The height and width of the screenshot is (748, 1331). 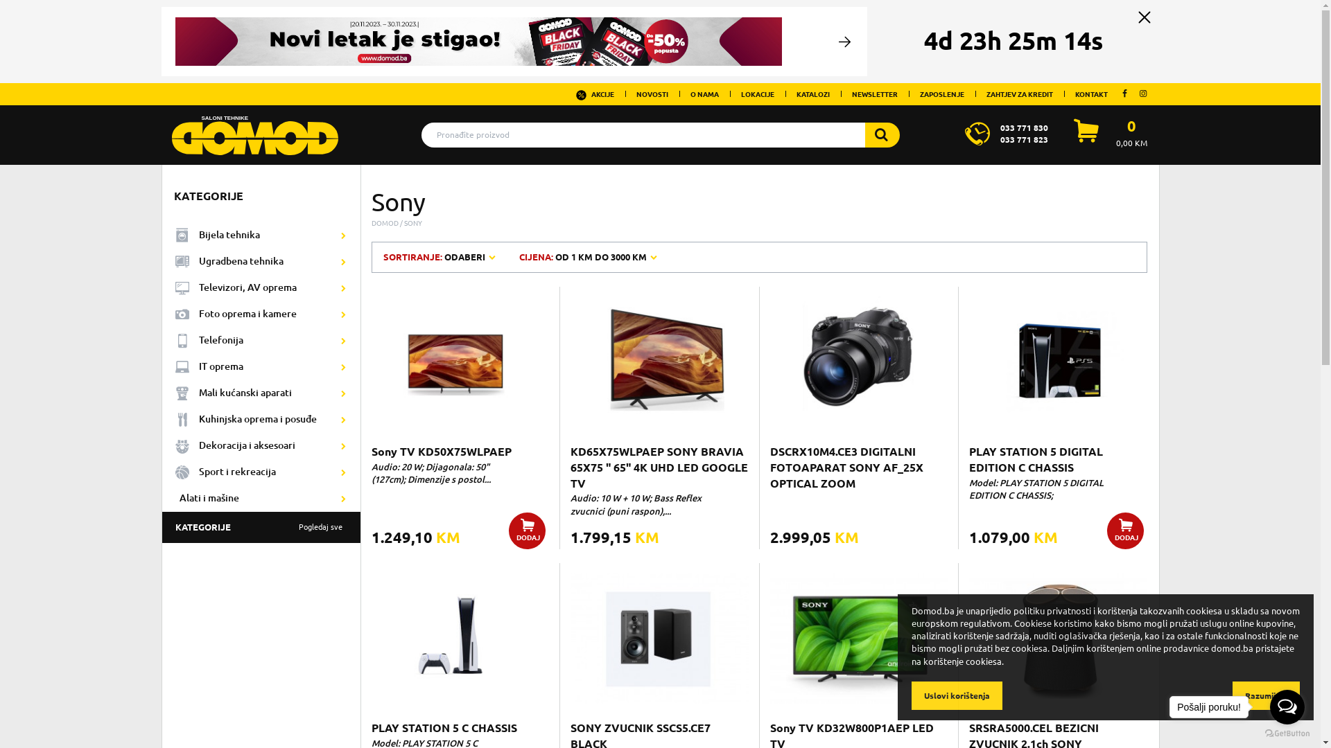 What do you see at coordinates (1090, 93) in the screenshot?
I see `'KONTAKT'` at bounding box center [1090, 93].